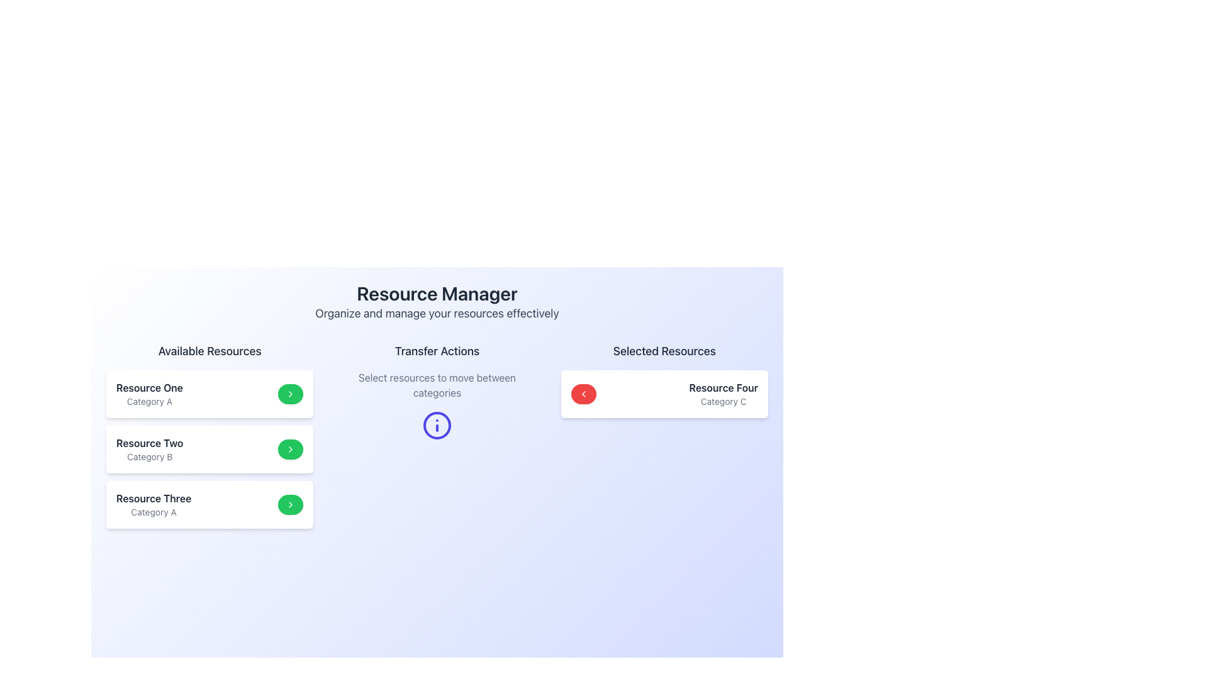 Image resolution: width=1208 pixels, height=679 pixels. What do you see at coordinates (210, 448) in the screenshot?
I see `the card representing 'Resource Two' in the 'Available Resources' panel` at bounding box center [210, 448].